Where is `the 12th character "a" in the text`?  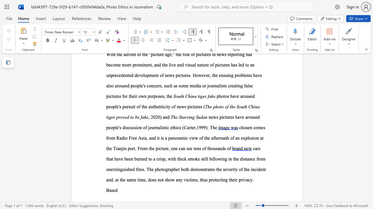 the 12th character "a" in the text is located at coordinates (182, 148).